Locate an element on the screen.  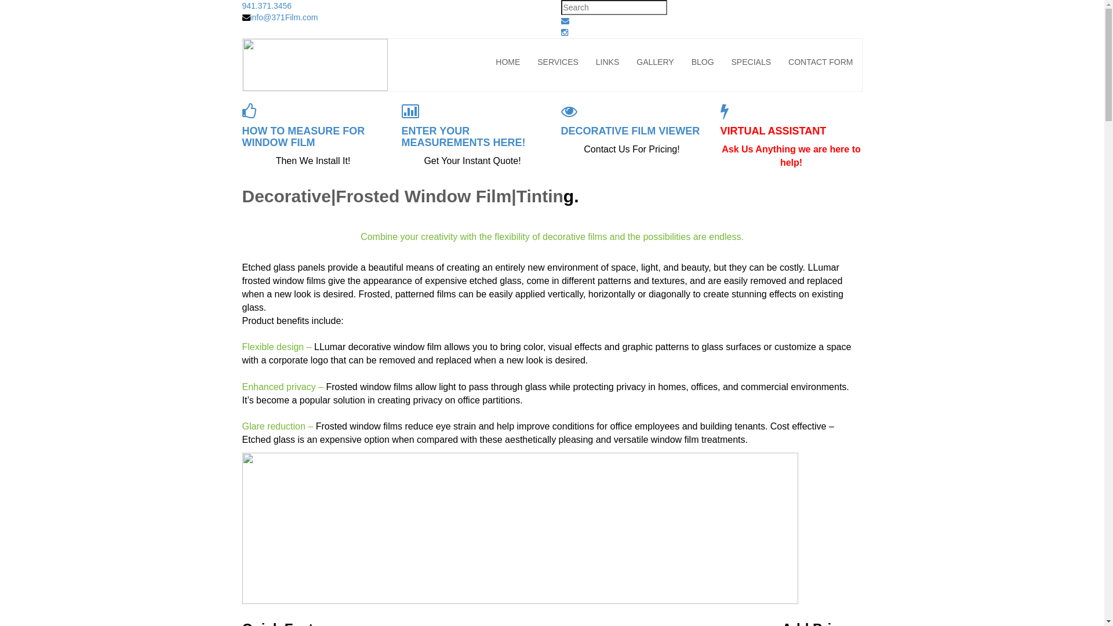
'BLOG' is located at coordinates (682, 62).